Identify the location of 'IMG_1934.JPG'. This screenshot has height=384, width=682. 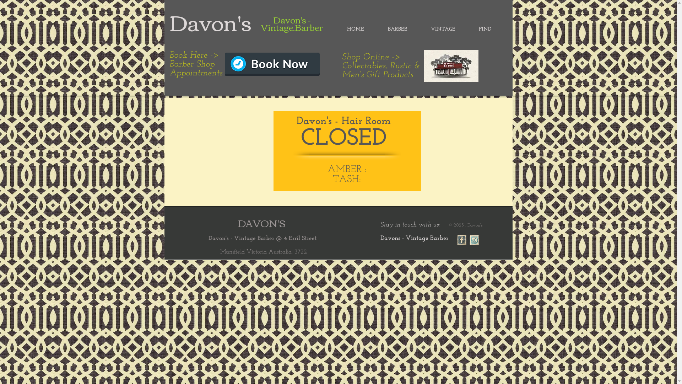
(450, 66).